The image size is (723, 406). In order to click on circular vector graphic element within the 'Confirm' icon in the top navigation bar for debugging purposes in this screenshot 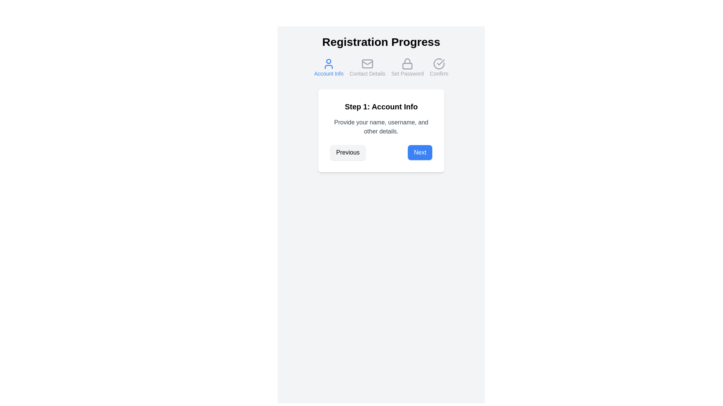, I will do `click(439, 63)`.